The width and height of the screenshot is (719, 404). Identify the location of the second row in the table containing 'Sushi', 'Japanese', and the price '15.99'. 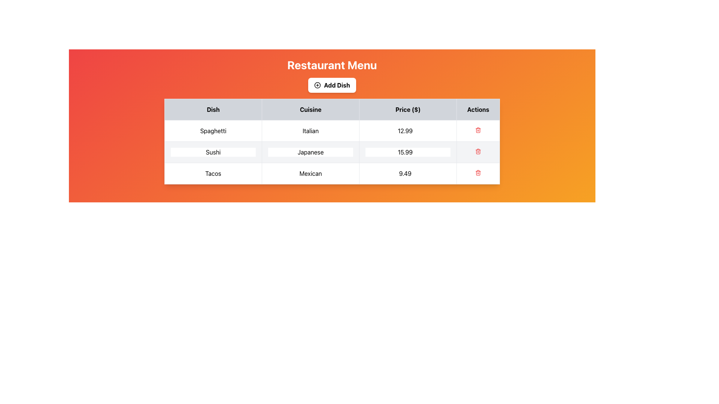
(332, 152).